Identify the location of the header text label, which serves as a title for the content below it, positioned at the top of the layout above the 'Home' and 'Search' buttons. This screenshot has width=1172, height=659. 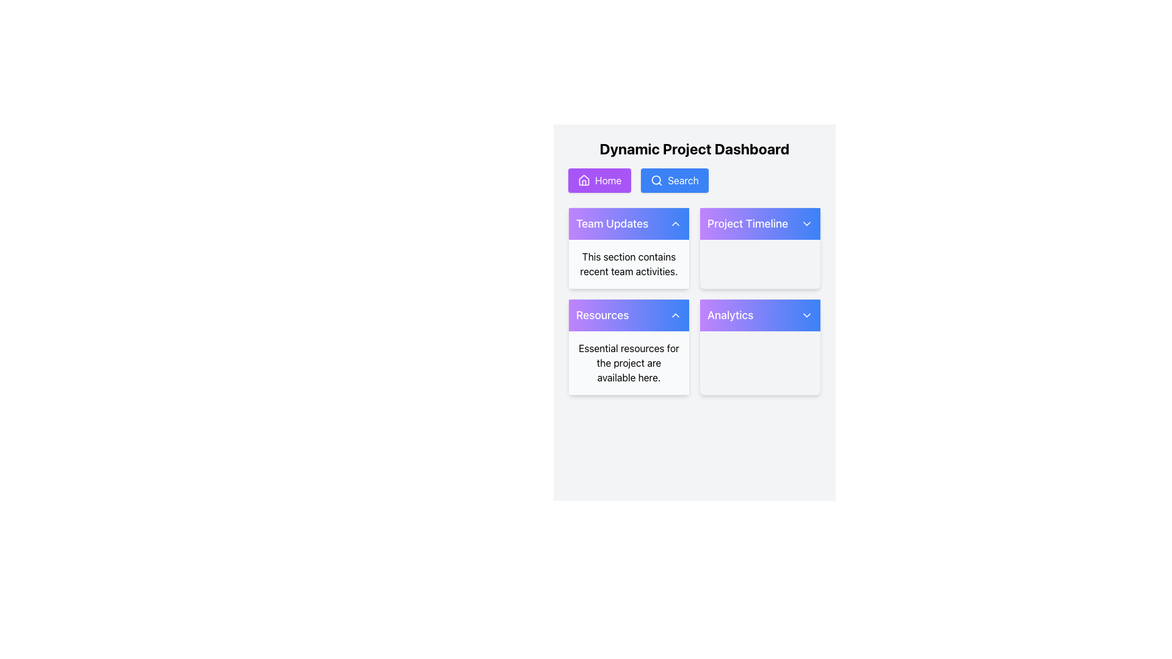
(694, 148).